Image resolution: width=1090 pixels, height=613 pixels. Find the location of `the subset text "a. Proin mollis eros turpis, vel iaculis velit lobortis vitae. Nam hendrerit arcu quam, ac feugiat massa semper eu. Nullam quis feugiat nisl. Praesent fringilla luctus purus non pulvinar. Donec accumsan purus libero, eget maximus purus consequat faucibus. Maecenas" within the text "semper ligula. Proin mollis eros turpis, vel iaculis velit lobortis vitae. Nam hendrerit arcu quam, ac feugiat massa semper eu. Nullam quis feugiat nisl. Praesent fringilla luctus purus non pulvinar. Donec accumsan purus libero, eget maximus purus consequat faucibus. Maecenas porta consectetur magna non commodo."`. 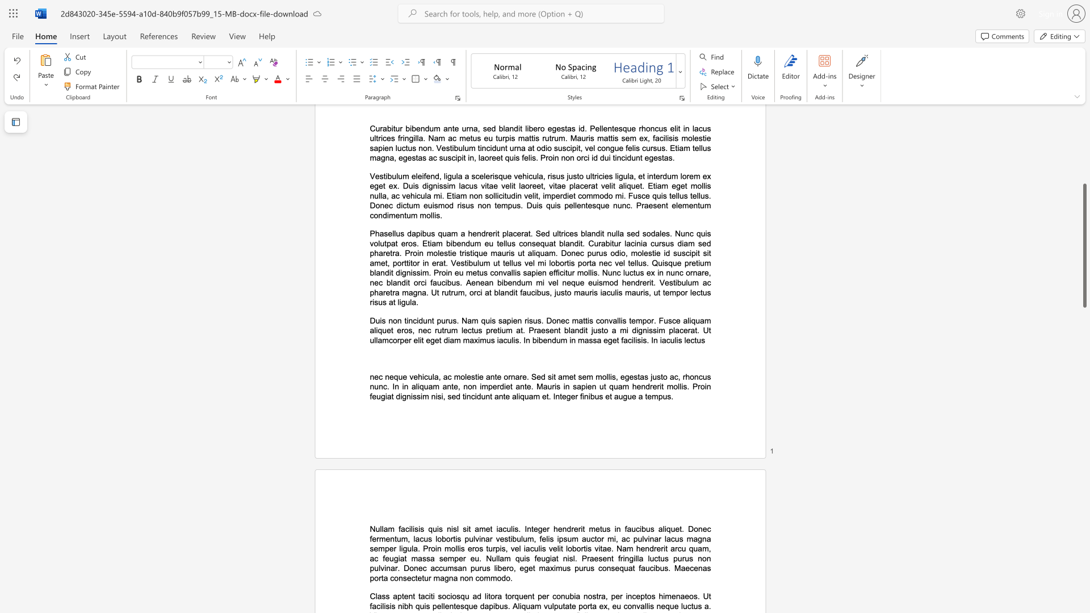

the subset text "a. Proin mollis eros turpis, vel iaculis velit lobortis vitae. Nam hendrerit arcu quam, ac feugiat massa semper eu. Nullam quis feugiat nisl. Praesent fringilla luctus purus non pulvinar. Donec accumsan purus libero, eget maximus purus consequat faucibus. Maecenas" within the text "semper ligula. Proin mollis eros turpis, vel iaculis velit lobortis vitae. Nam hendrerit arcu quam, ac feugiat massa semper eu. Nullam quis feugiat nisl. Praesent fringilla luctus purus non pulvinar. Donec accumsan purus libero, eget maximus purus consequat faucibus. Maecenas porta consectetur magna non commodo." is located at coordinates (413, 548).